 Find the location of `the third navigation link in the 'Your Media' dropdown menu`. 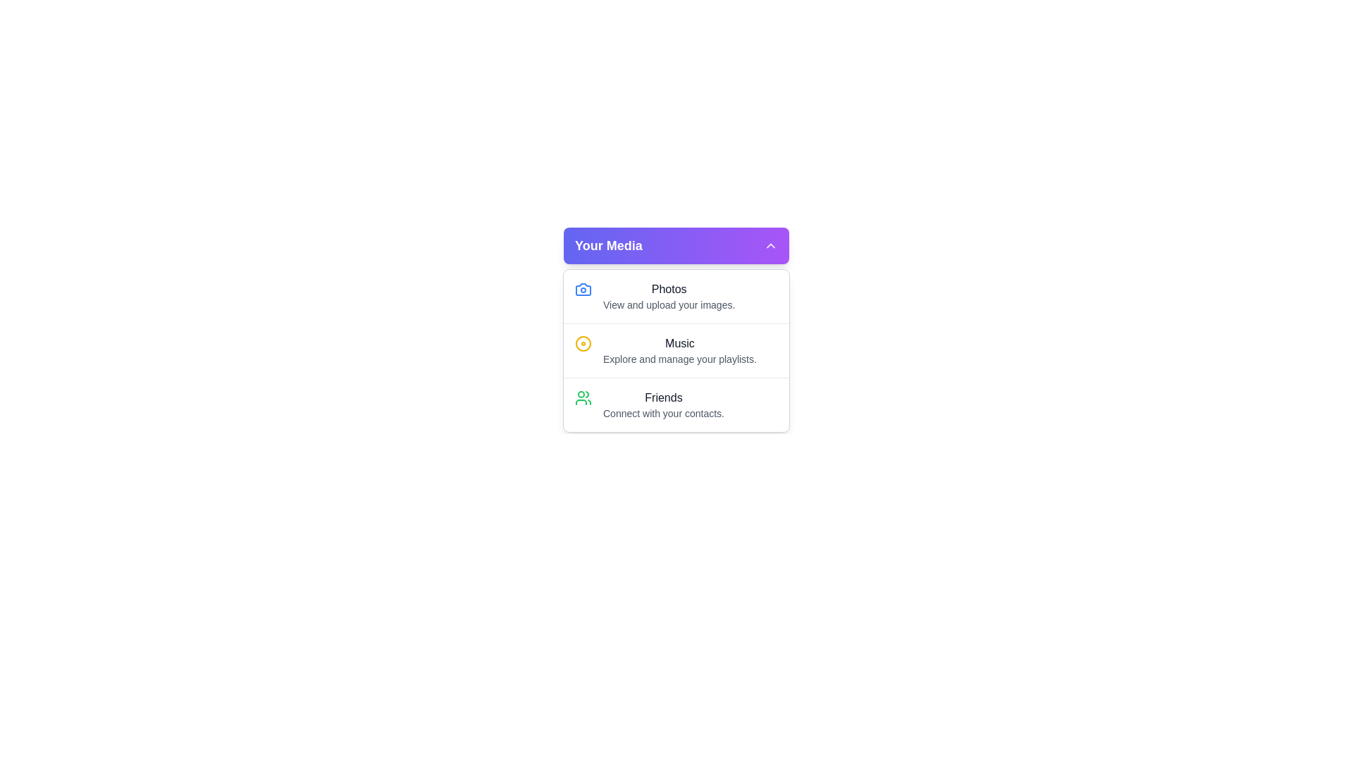

the third navigation link in the 'Your Media' dropdown menu is located at coordinates (676, 404).